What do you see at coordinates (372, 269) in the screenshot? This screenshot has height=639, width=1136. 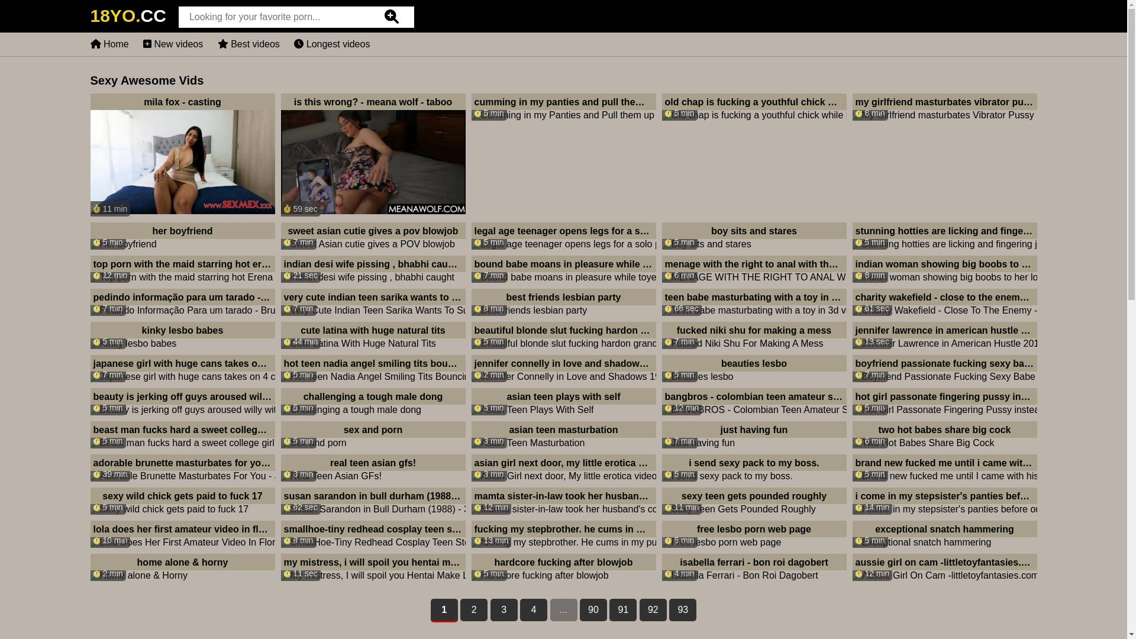 I see `'21 sec` at bounding box center [372, 269].